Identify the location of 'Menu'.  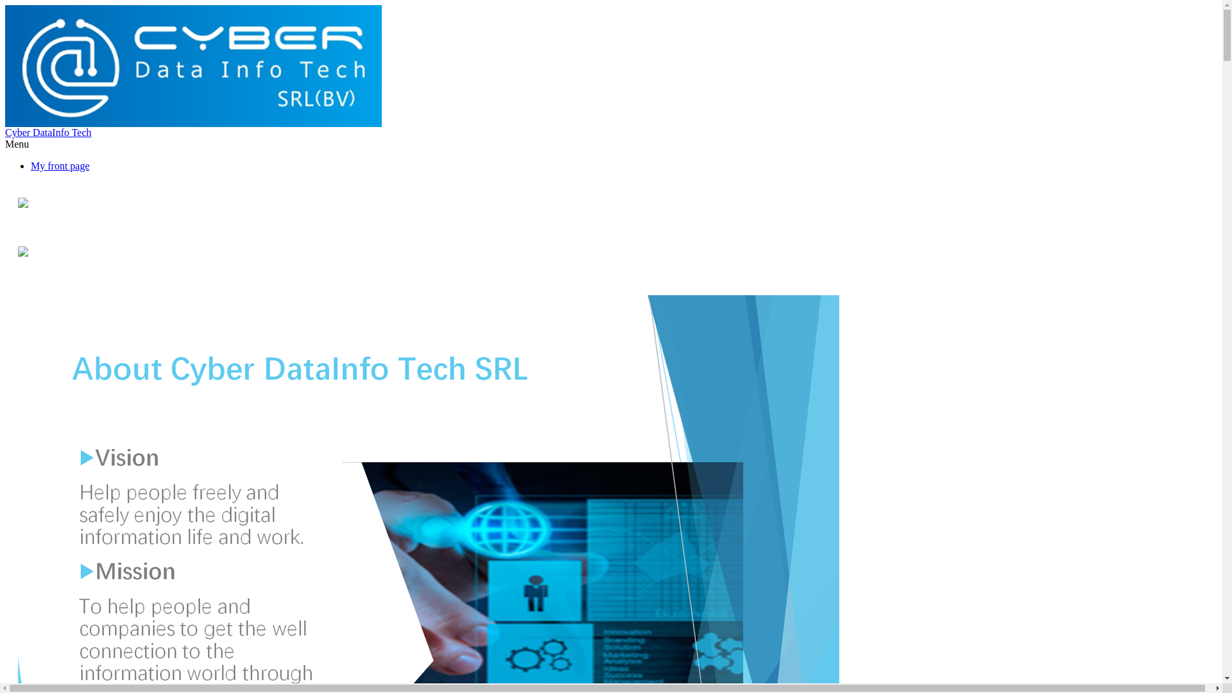
(17, 144).